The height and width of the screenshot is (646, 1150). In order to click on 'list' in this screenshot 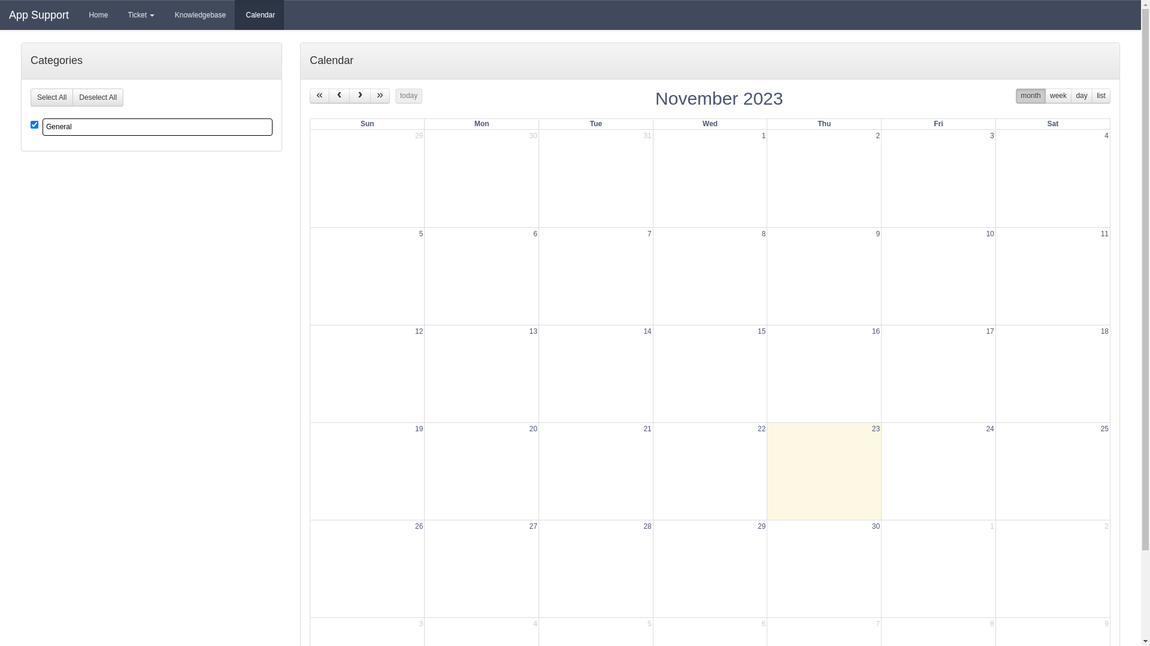, I will do `click(1101, 95)`.